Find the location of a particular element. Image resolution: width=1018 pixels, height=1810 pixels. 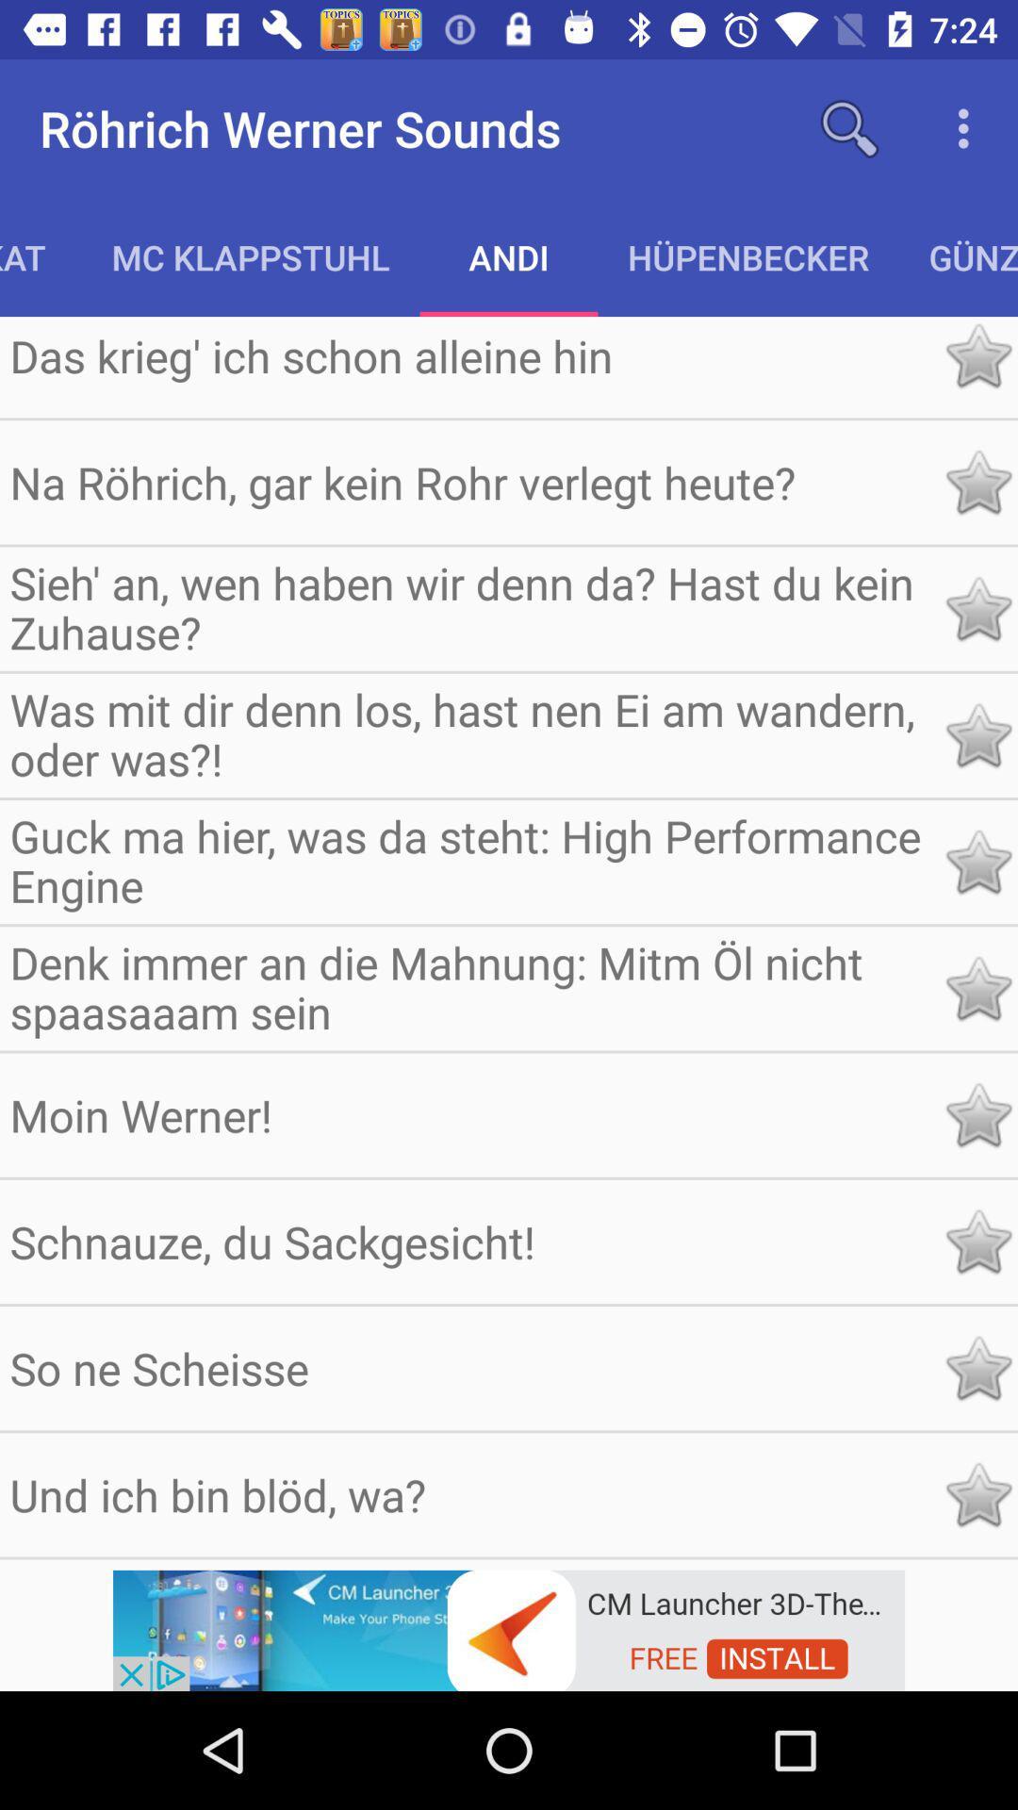

item is located at coordinates (977, 734).